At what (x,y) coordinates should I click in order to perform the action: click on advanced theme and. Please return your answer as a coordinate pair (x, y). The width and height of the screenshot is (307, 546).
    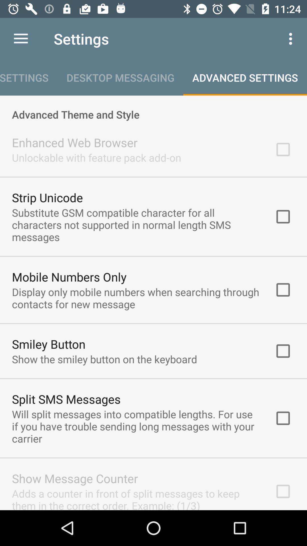
    Looking at the image, I should click on (153, 108).